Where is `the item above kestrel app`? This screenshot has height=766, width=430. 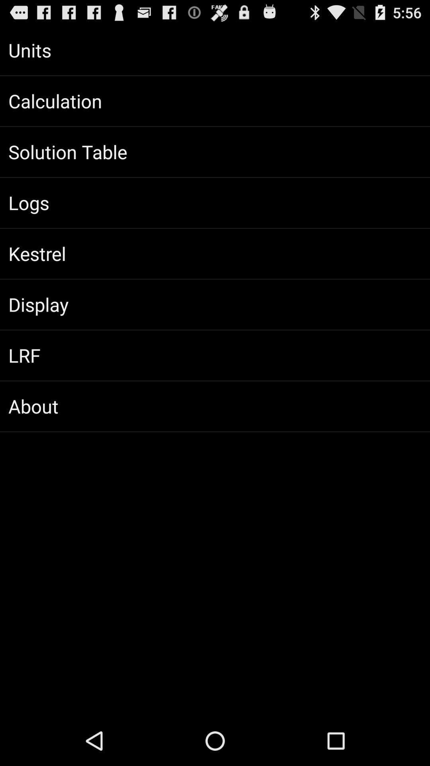
the item above kestrel app is located at coordinates (215, 203).